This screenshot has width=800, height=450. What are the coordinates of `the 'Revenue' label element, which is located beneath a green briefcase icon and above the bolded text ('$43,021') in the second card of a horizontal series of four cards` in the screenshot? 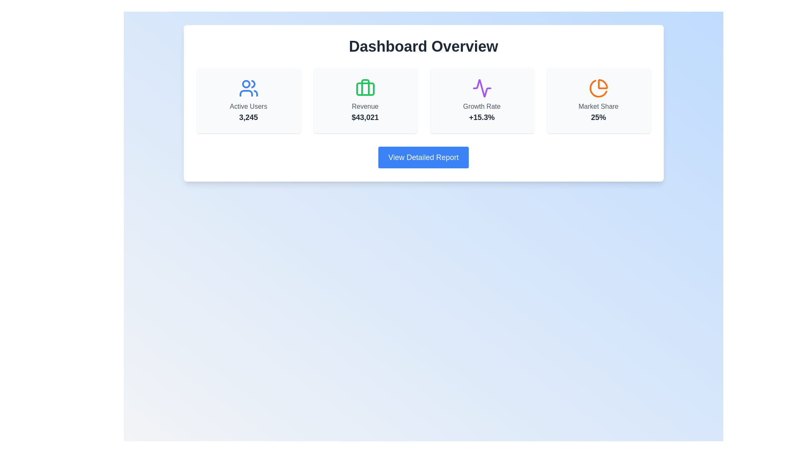 It's located at (365, 106).